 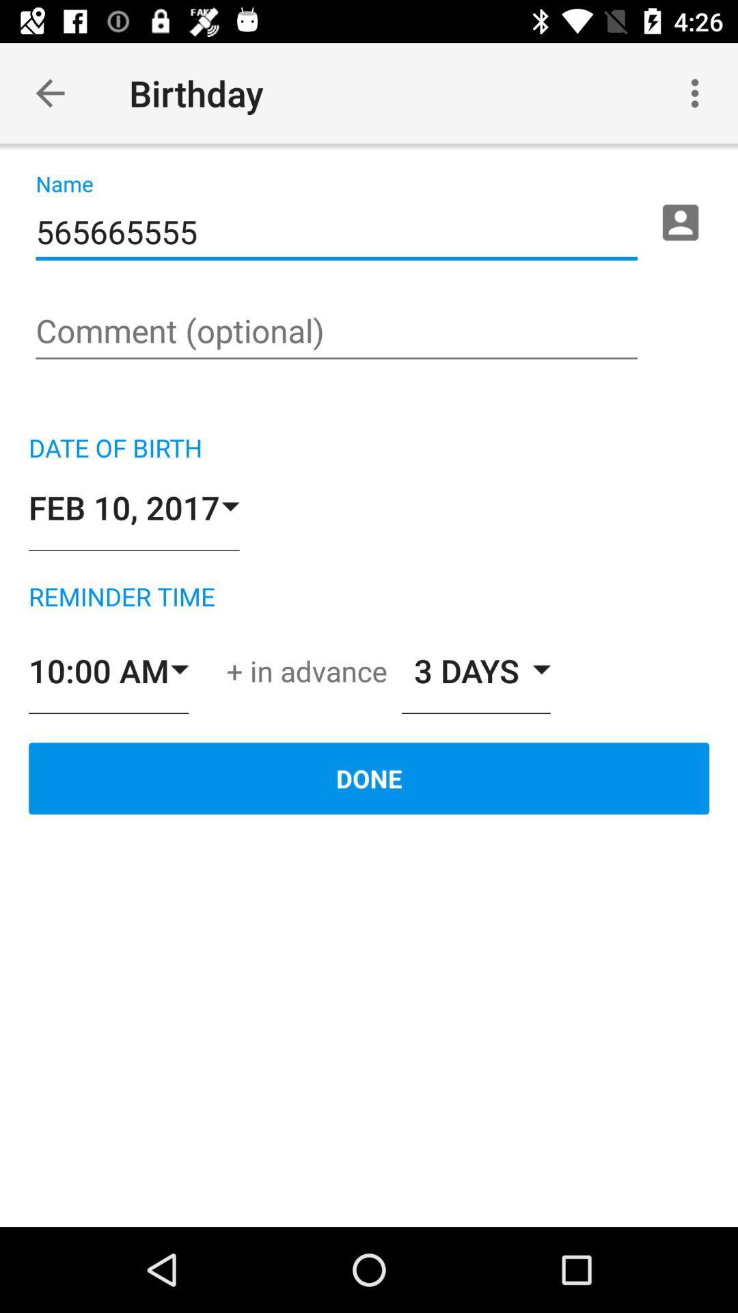 I want to click on edit personal details, so click(x=680, y=222).